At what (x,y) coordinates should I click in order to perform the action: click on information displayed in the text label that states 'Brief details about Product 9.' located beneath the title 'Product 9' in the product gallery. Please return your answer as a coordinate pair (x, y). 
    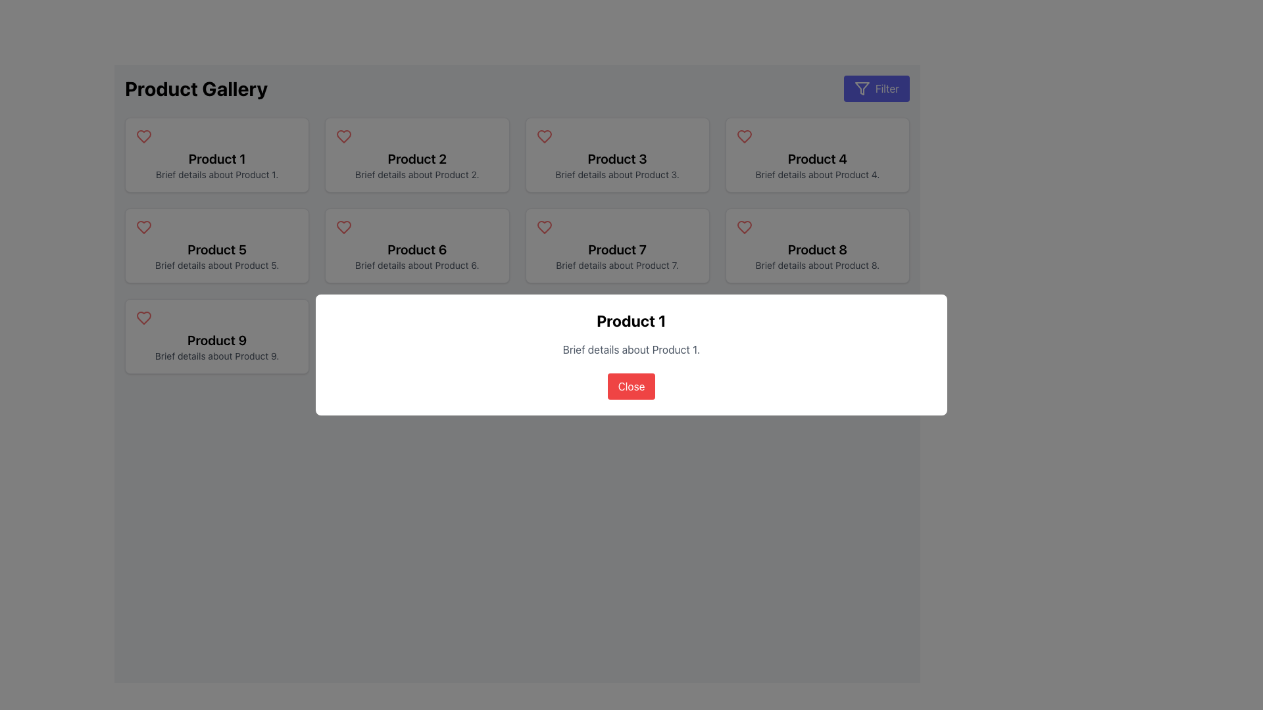
    Looking at the image, I should click on (217, 356).